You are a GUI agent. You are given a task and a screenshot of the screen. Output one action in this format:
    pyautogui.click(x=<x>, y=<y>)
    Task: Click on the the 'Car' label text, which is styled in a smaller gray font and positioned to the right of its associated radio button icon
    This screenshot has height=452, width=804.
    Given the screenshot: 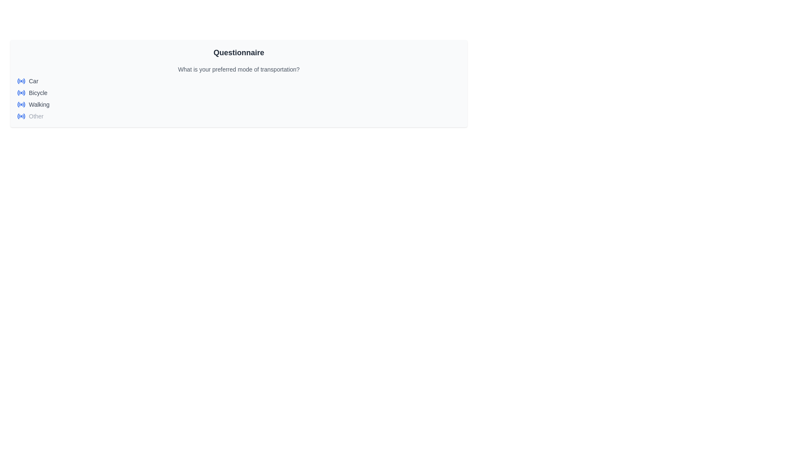 What is the action you would take?
    pyautogui.click(x=33, y=81)
    